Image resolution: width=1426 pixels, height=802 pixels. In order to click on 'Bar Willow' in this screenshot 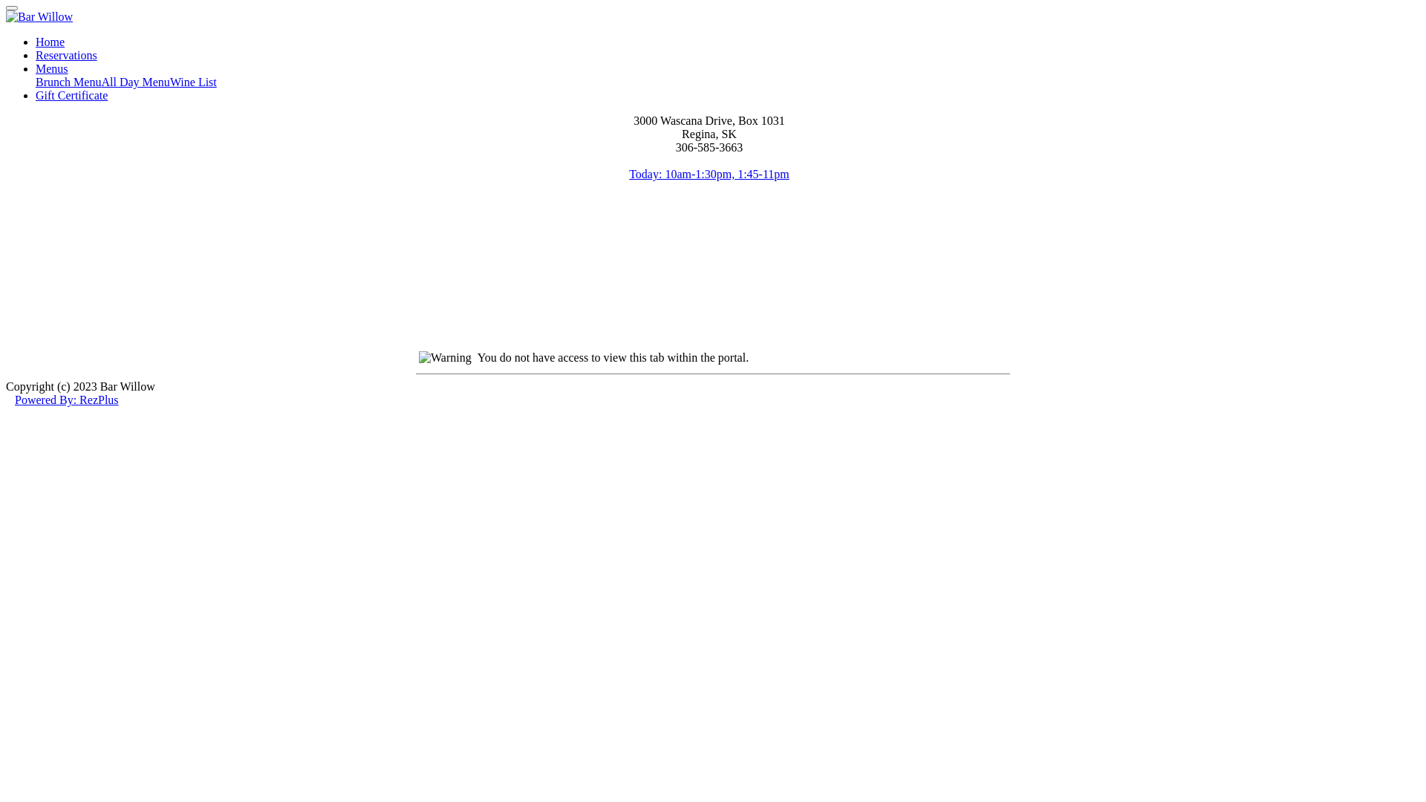, I will do `click(6, 16)`.